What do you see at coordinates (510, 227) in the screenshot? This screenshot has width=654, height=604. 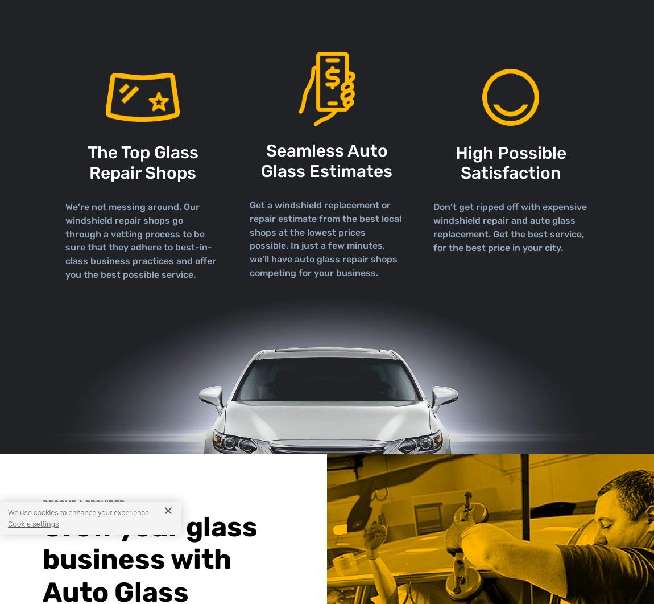 I see `'Don’t get ripped off with expensive windshield repair and auto glass replacement. Get the best service, for the best price in your city.'` at bounding box center [510, 227].